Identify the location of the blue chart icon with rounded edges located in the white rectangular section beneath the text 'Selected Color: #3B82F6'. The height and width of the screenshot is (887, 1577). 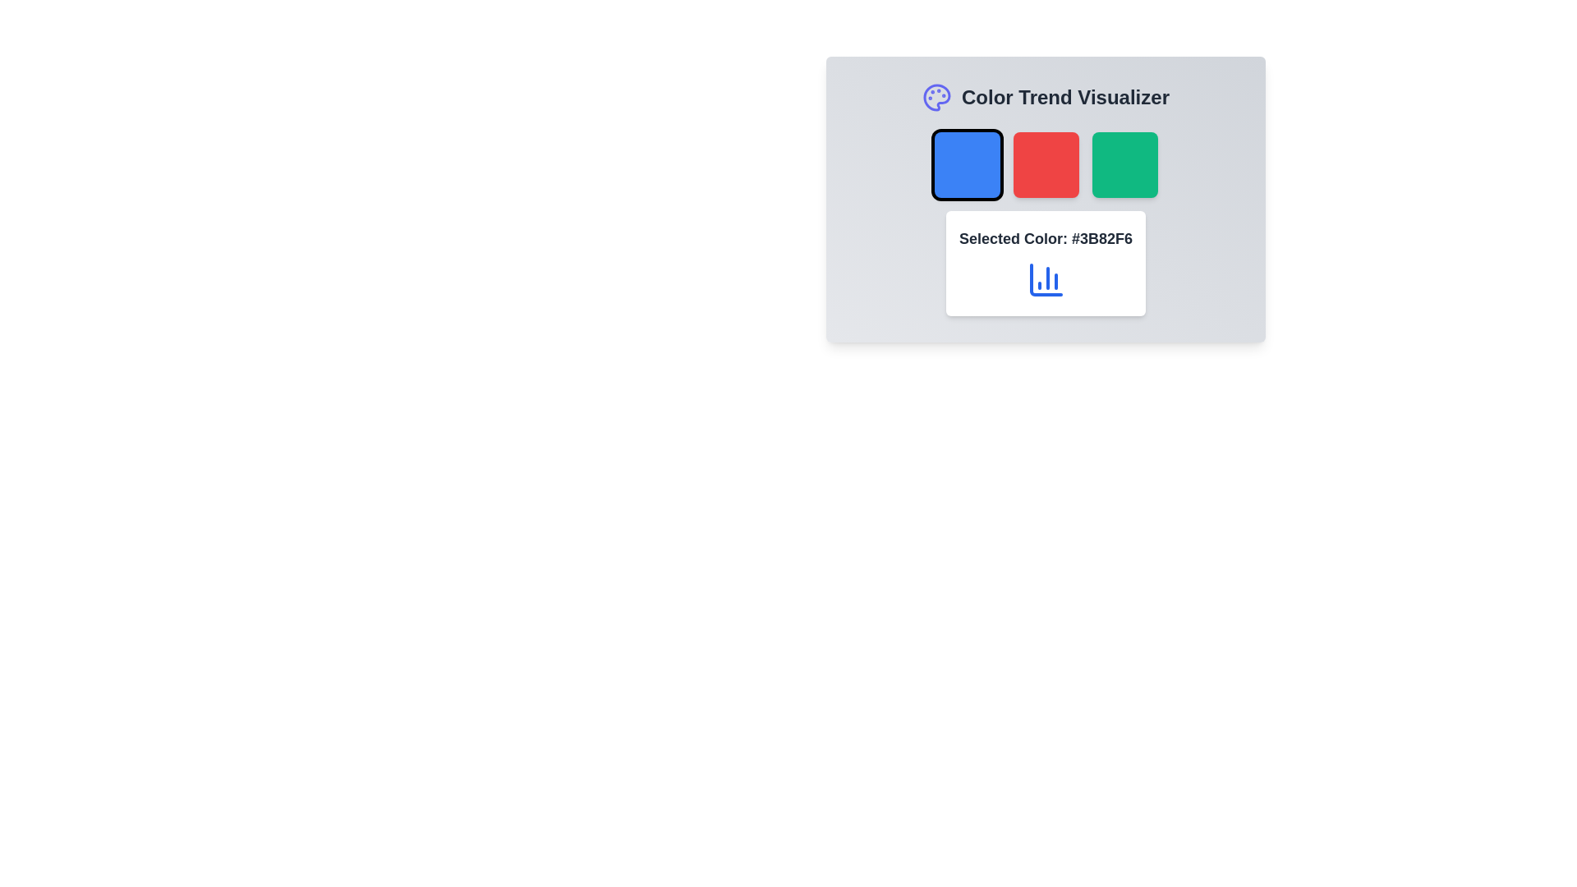
(1045, 278).